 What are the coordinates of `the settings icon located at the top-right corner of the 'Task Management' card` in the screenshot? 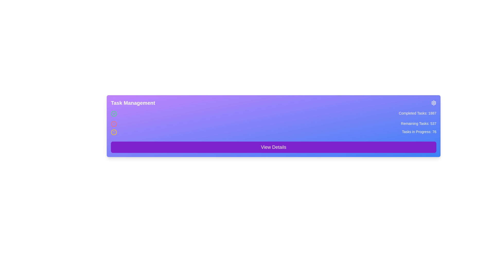 It's located at (433, 103).